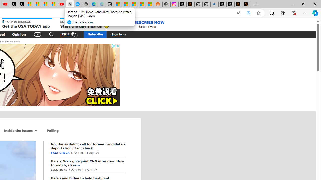 This screenshot has width=321, height=180. I want to click on 'Polling', so click(53, 130).